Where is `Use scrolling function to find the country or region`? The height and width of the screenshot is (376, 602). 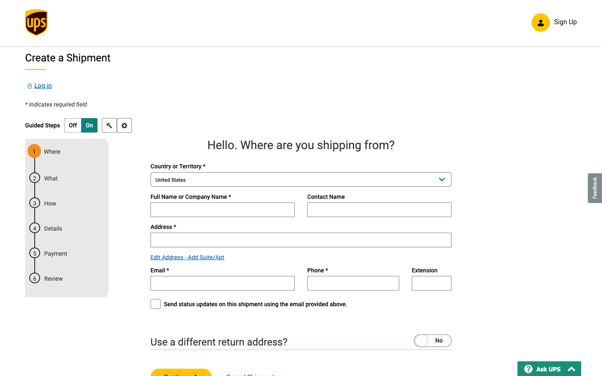
Use scrolling function to find the country or region is located at coordinates (301, 180).